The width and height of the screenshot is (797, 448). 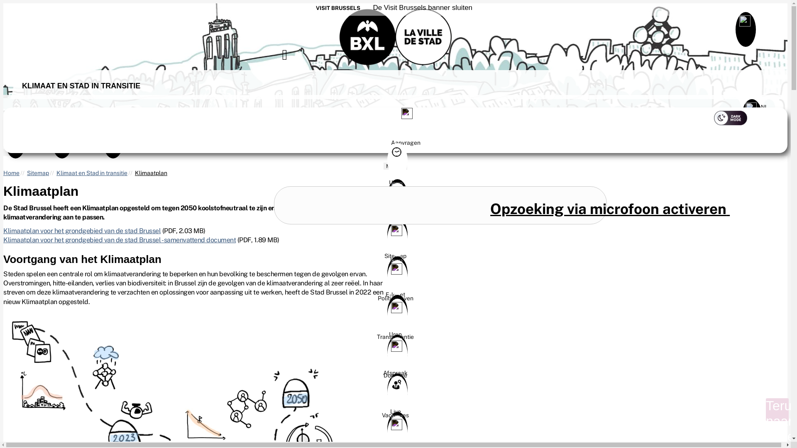 I want to click on 'Terug naar boven', so click(x=777, y=409).